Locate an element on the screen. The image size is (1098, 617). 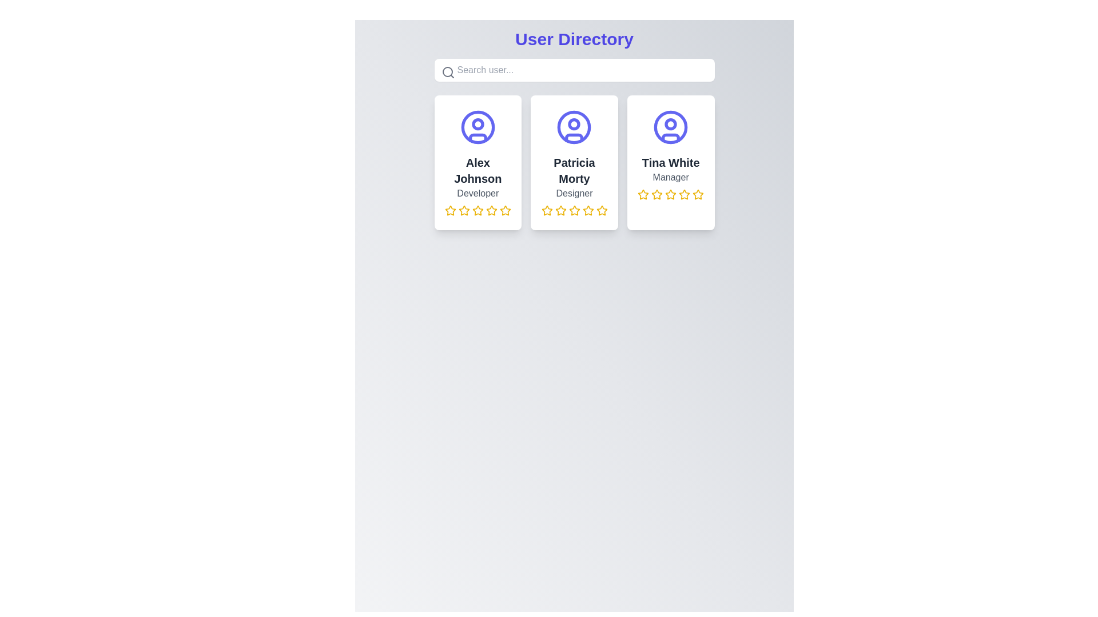
the fifth star icon from the left in the rating stars group under the user information for 'Patricia Morty', who is a Designer, to rate is located at coordinates (601, 211).